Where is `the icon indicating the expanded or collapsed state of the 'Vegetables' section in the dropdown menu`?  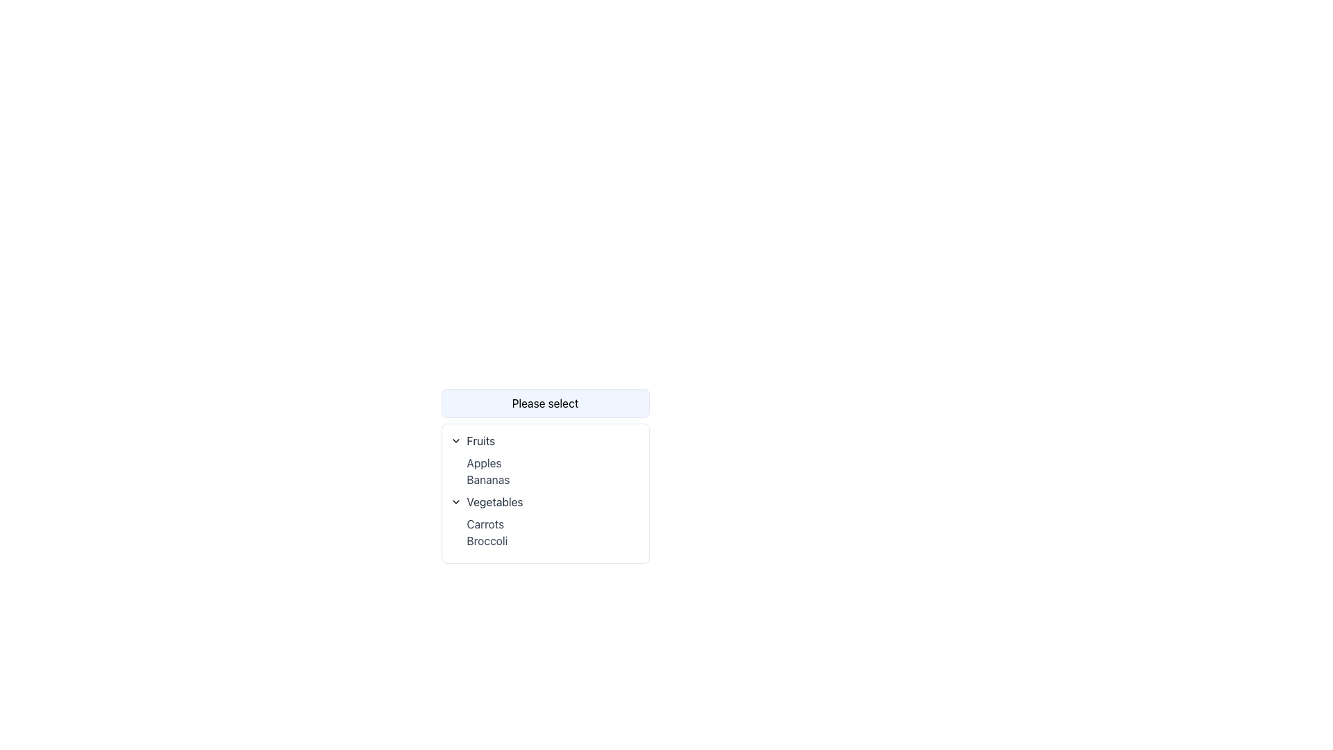
the icon indicating the expanded or collapsed state of the 'Vegetables' section in the dropdown menu is located at coordinates (455, 501).